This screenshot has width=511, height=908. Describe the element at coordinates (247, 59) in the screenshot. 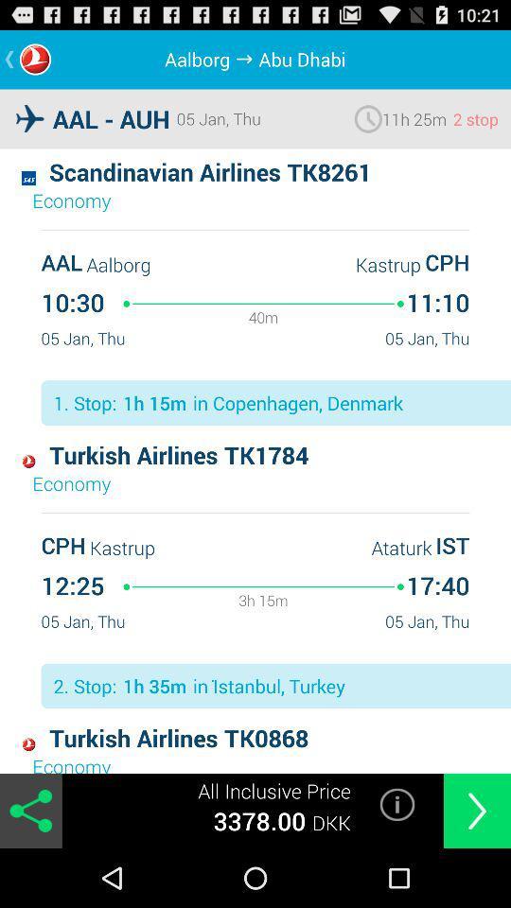

I see `the button which is right side of the aalborg` at that location.